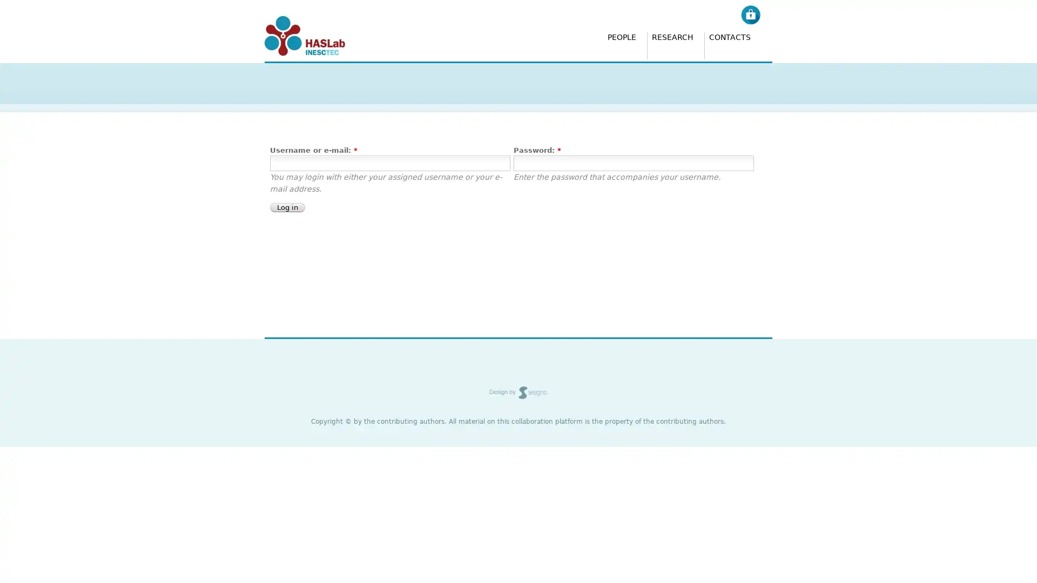 The height and width of the screenshot is (583, 1037). Describe the element at coordinates (287, 207) in the screenshot. I see `Log in` at that location.